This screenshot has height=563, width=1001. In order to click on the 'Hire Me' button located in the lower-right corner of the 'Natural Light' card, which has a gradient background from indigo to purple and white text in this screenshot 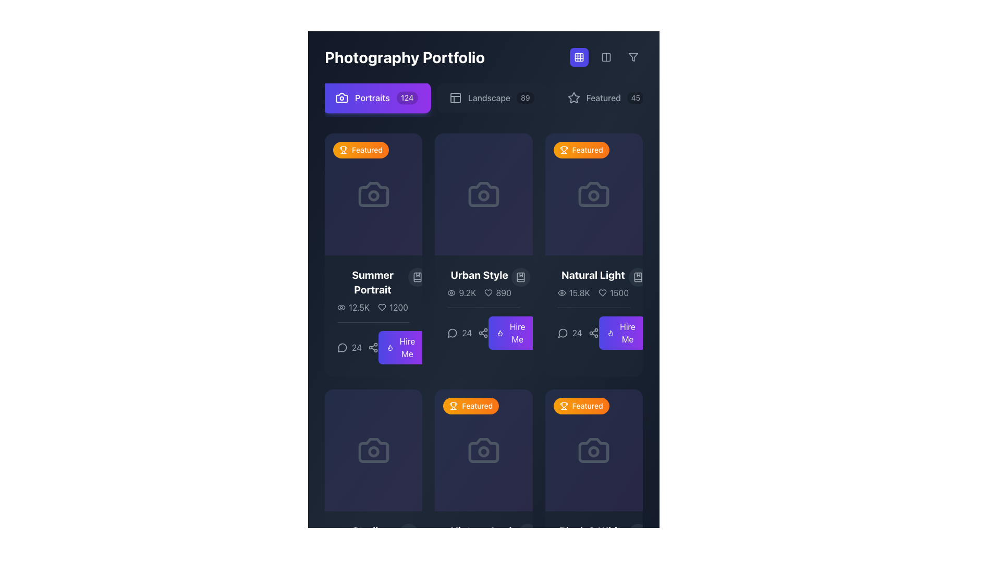, I will do `click(627, 333)`.